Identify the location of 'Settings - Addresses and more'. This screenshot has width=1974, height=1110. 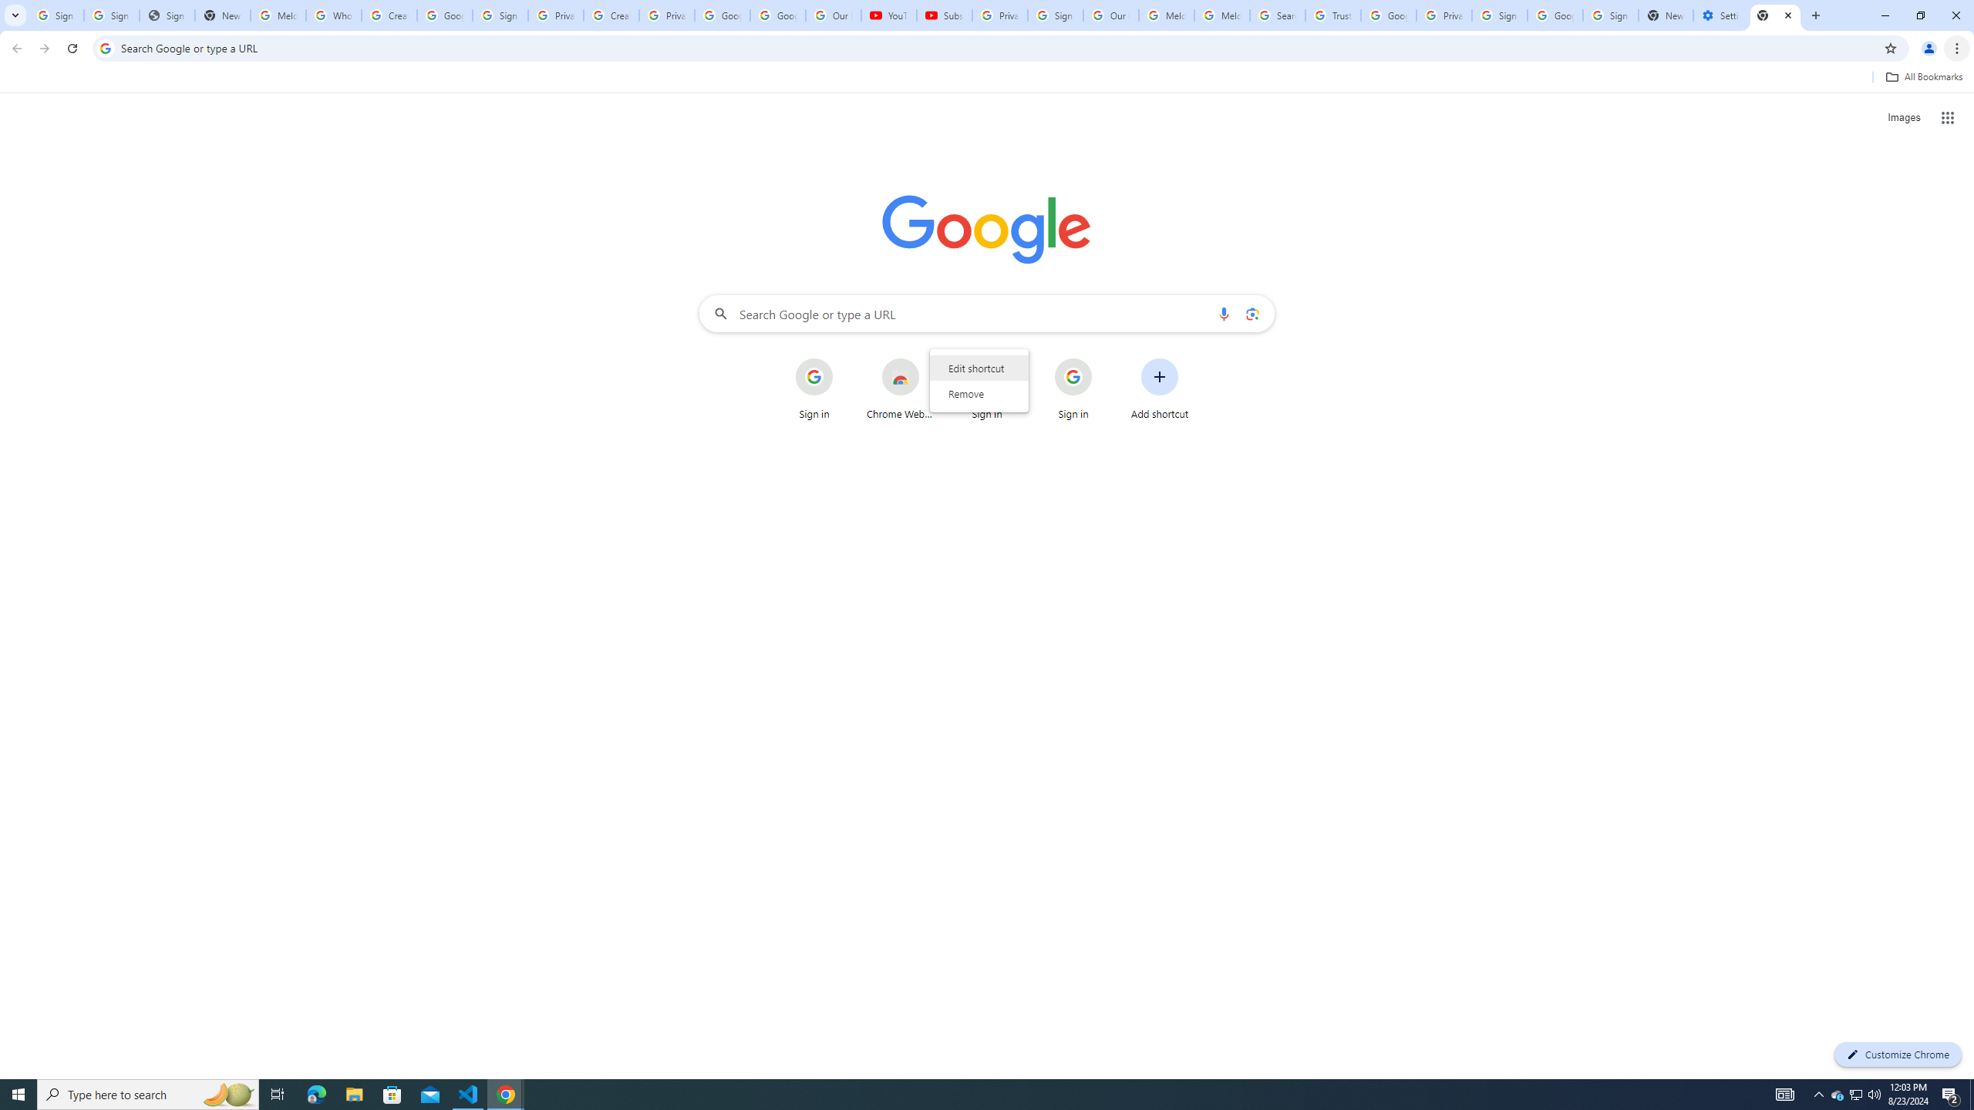
(1720, 15).